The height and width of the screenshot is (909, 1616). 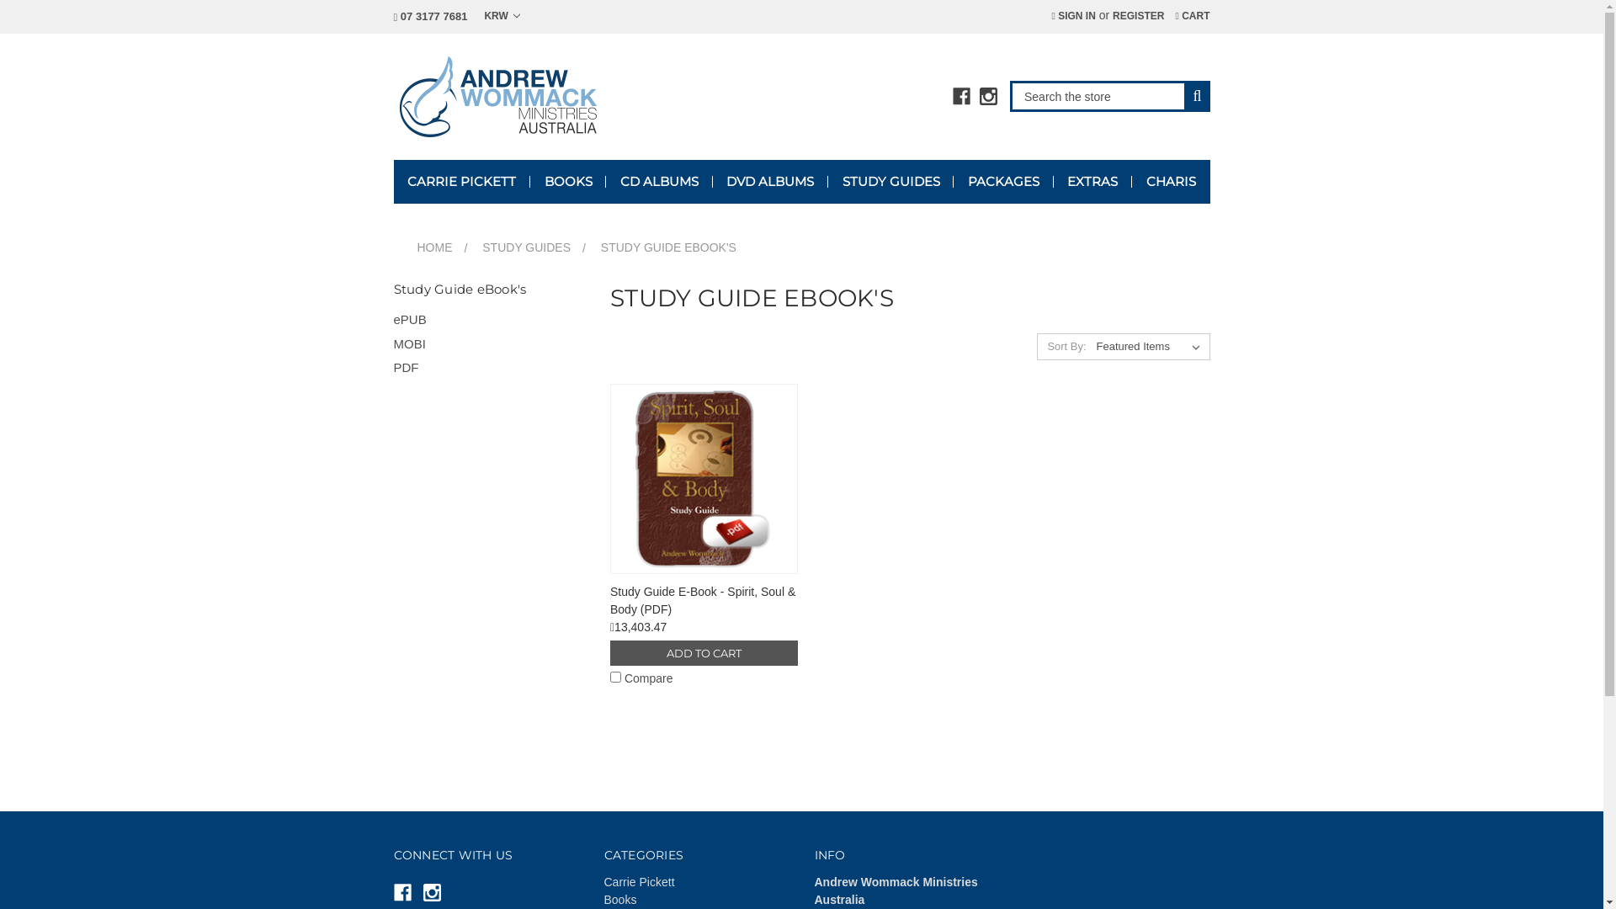 What do you see at coordinates (501, 16) in the screenshot?
I see `'KRW'` at bounding box center [501, 16].